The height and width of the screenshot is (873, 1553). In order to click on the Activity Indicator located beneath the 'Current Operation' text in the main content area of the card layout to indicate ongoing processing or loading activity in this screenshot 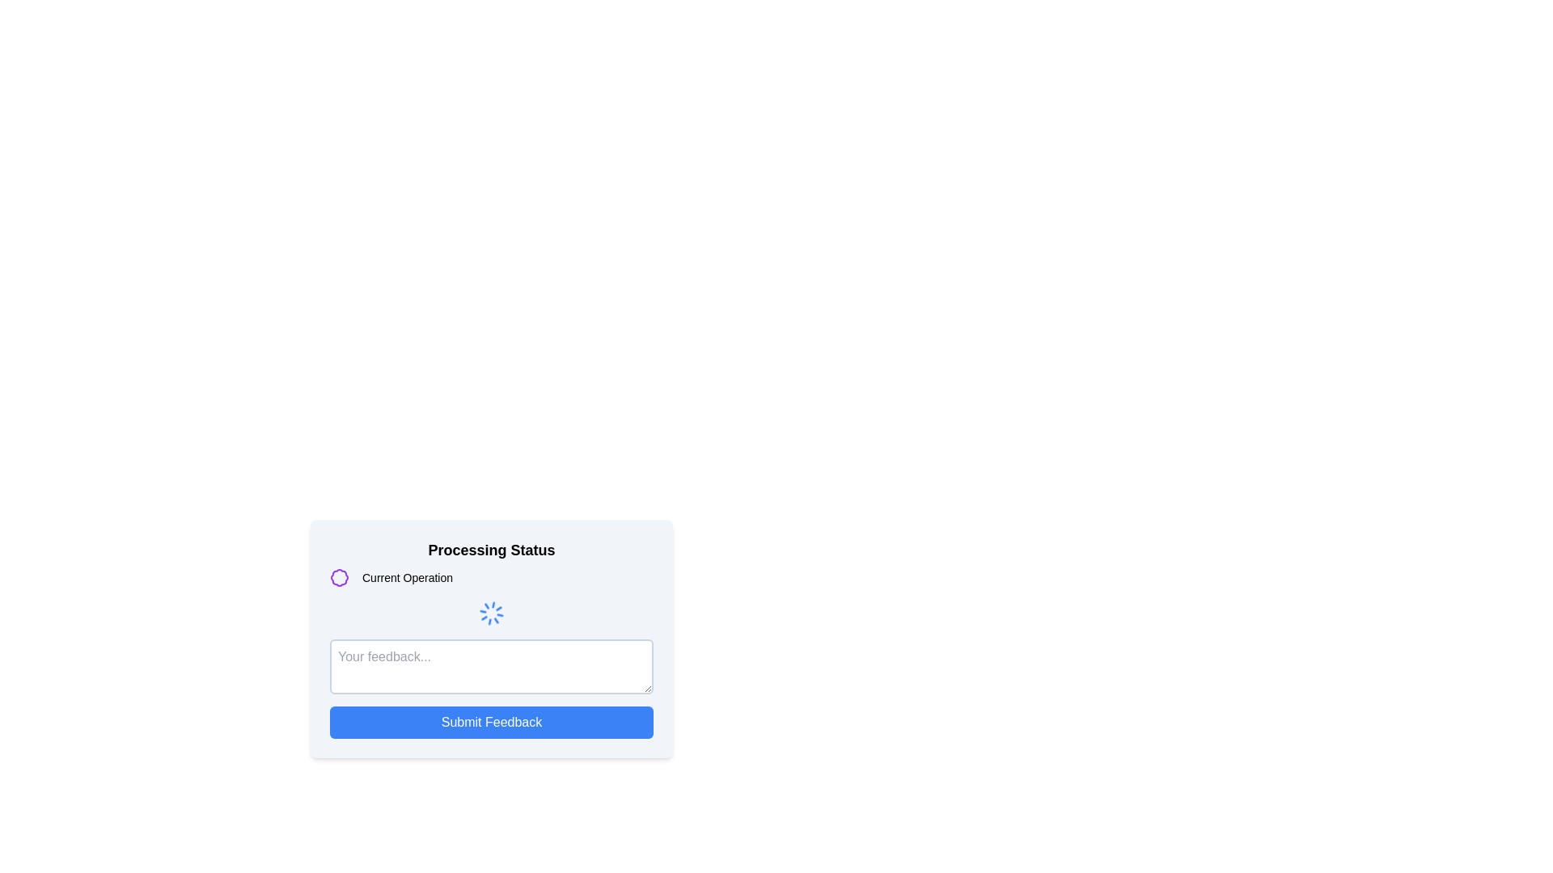, I will do `click(491, 614)`.